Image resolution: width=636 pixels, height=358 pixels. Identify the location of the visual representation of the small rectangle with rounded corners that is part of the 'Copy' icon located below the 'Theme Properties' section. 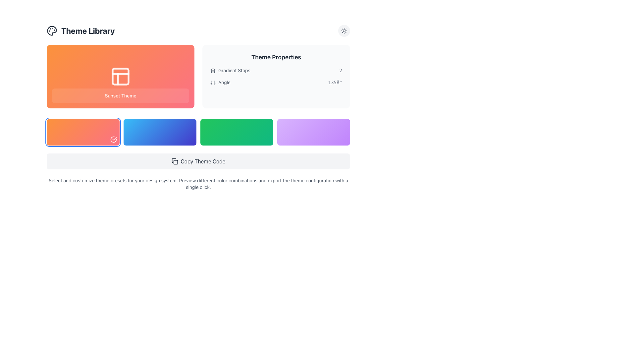
(175, 162).